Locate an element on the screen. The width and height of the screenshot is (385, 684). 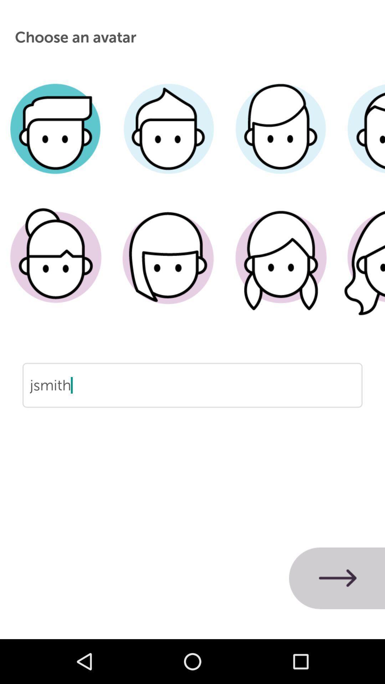
the second male avatar is located at coordinates (168, 139).